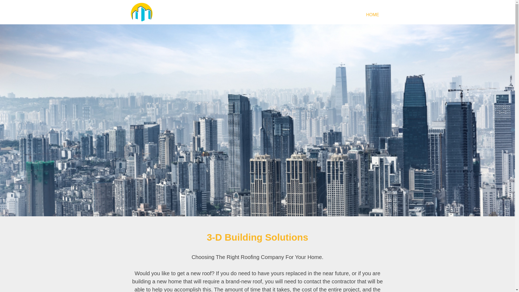 The height and width of the screenshot is (292, 519). Describe the element at coordinates (372, 14) in the screenshot. I see `'HOME'` at that location.